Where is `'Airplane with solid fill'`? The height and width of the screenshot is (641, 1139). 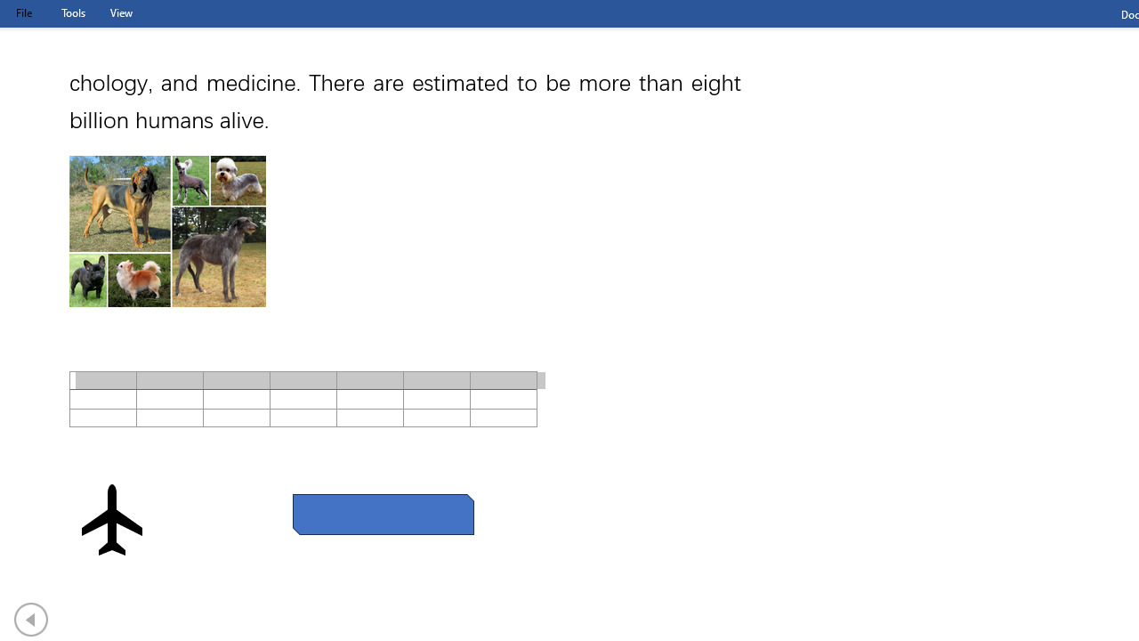 'Airplane with solid fill' is located at coordinates (111, 519).